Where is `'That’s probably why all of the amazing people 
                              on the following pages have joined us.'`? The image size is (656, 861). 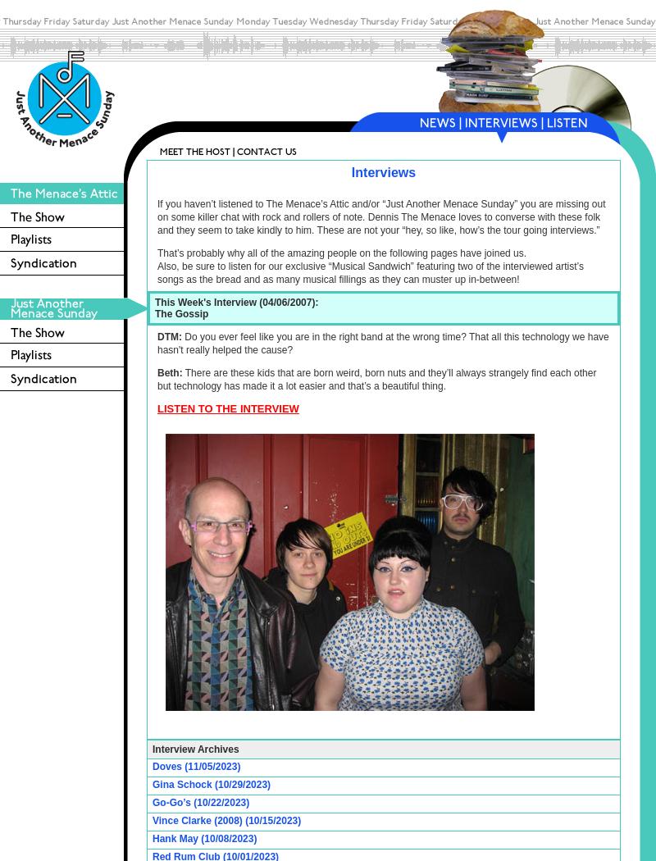
'That’s probably why all of the amazing people 
                              on the following pages have joined us.' is located at coordinates (341, 253).